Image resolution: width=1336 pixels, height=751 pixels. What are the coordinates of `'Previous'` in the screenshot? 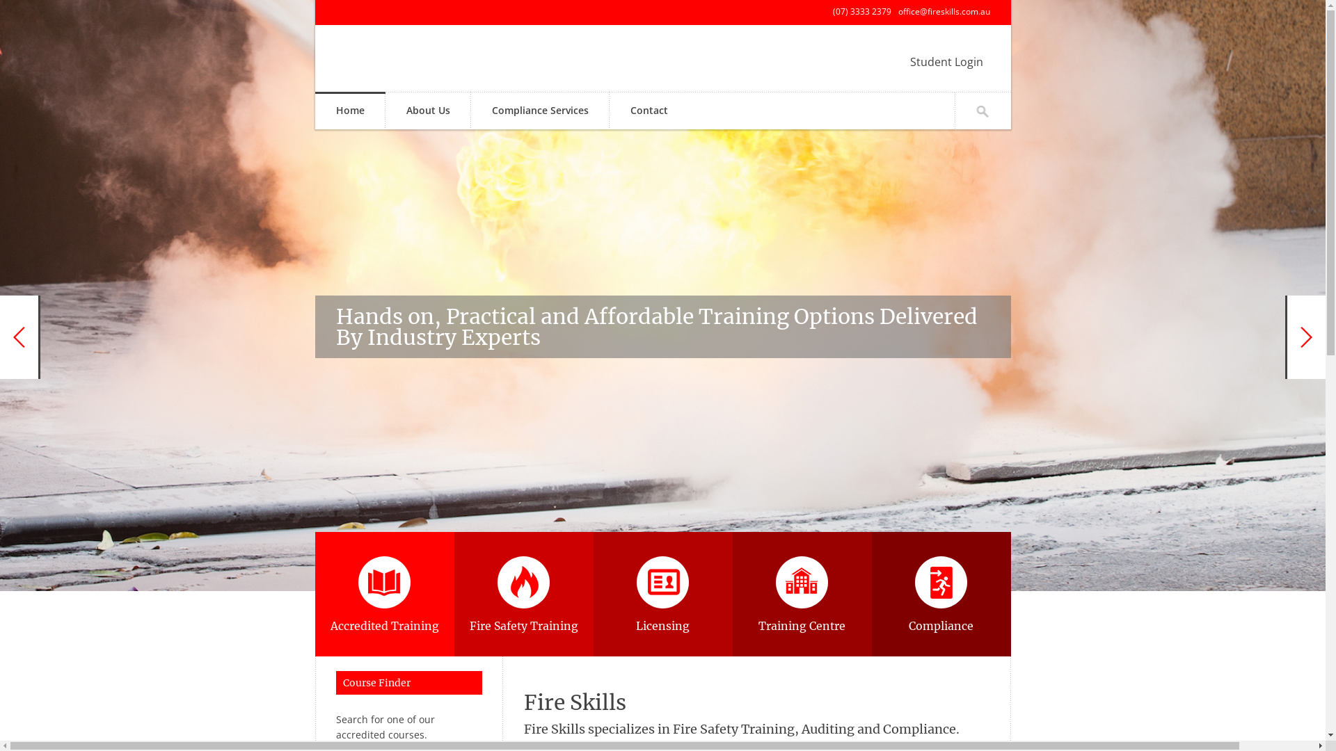 It's located at (19, 337).